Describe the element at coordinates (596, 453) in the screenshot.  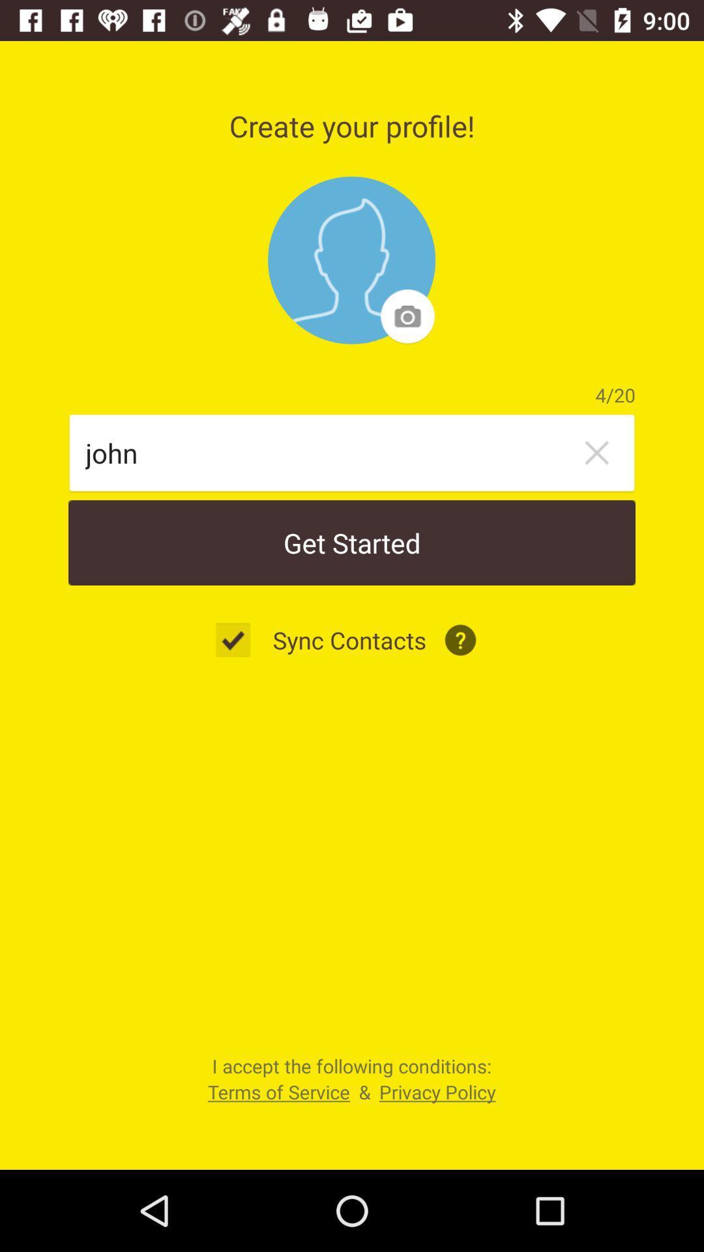
I see `item to the right of john item` at that location.